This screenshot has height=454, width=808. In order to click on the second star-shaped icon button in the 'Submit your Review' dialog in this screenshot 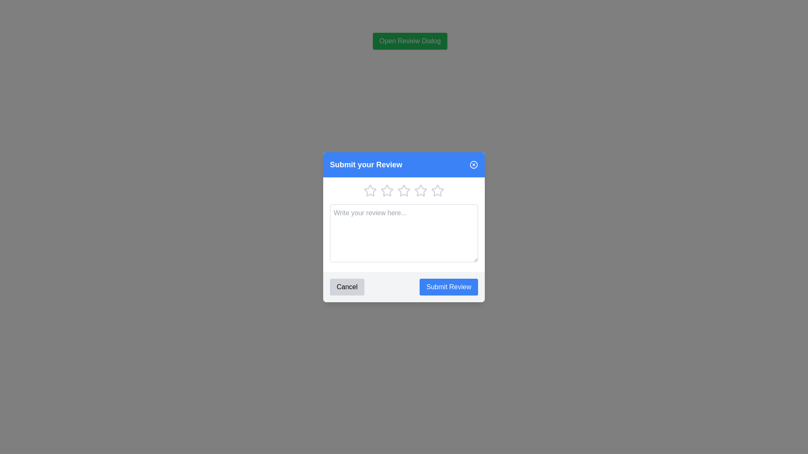, I will do `click(387, 190)`.